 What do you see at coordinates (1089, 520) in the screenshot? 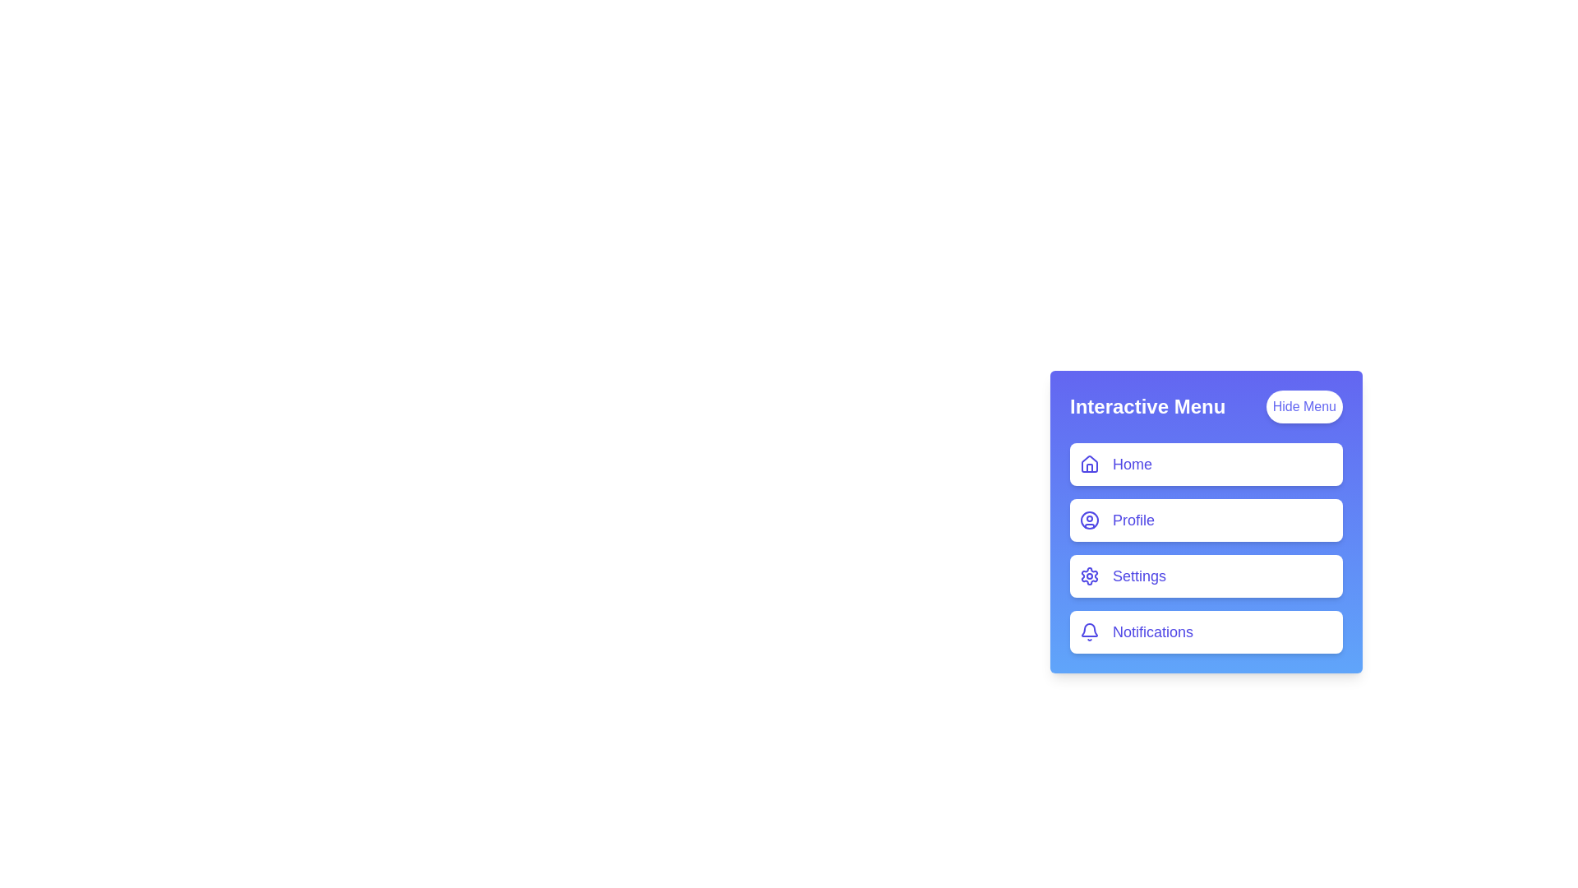
I see `the menu item icon corresponding to Profile` at bounding box center [1089, 520].